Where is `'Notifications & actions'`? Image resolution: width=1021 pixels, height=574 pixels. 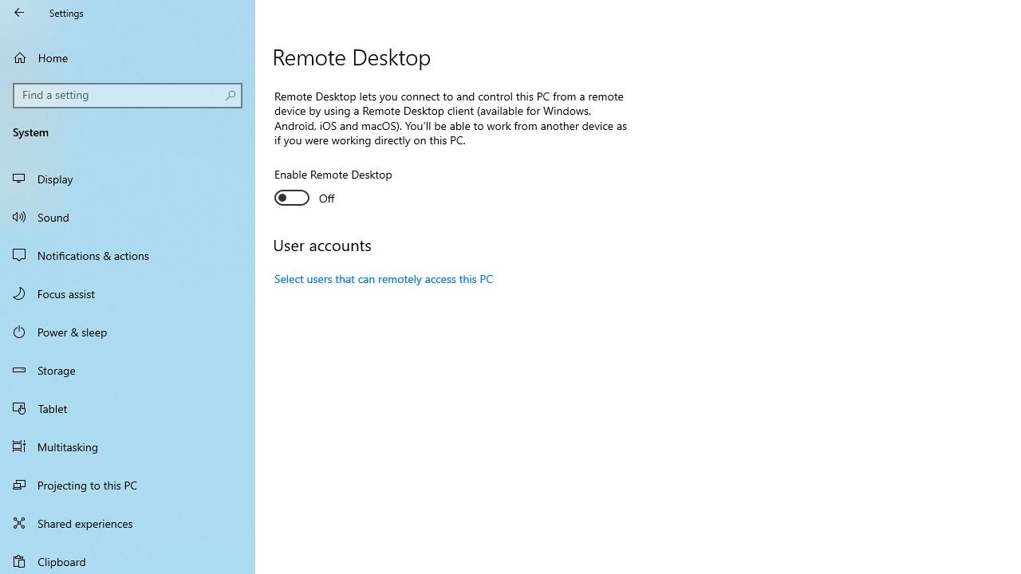
'Notifications & actions' is located at coordinates (128, 254).